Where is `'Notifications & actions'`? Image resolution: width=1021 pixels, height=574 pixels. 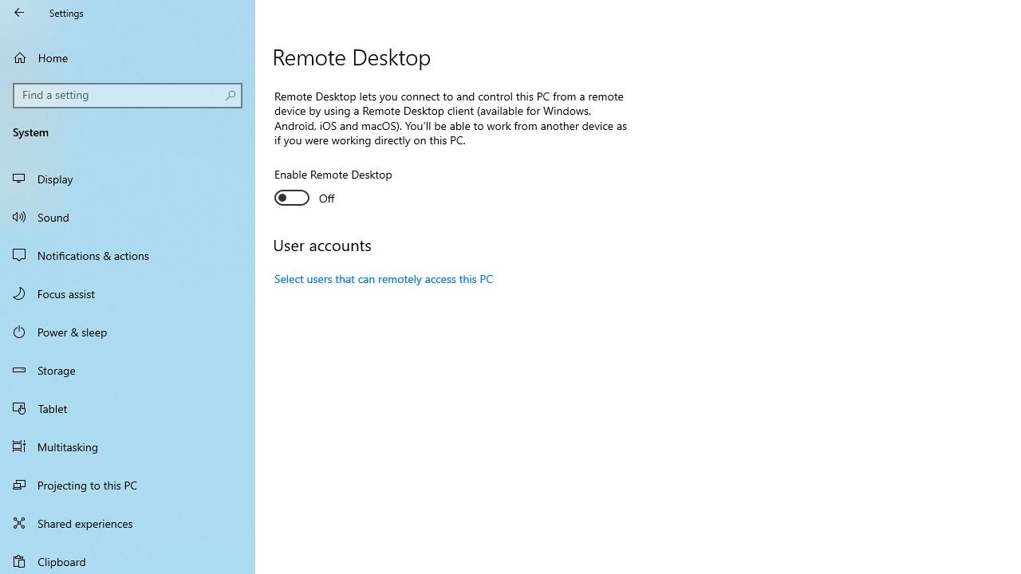
'Notifications & actions' is located at coordinates (128, 254).